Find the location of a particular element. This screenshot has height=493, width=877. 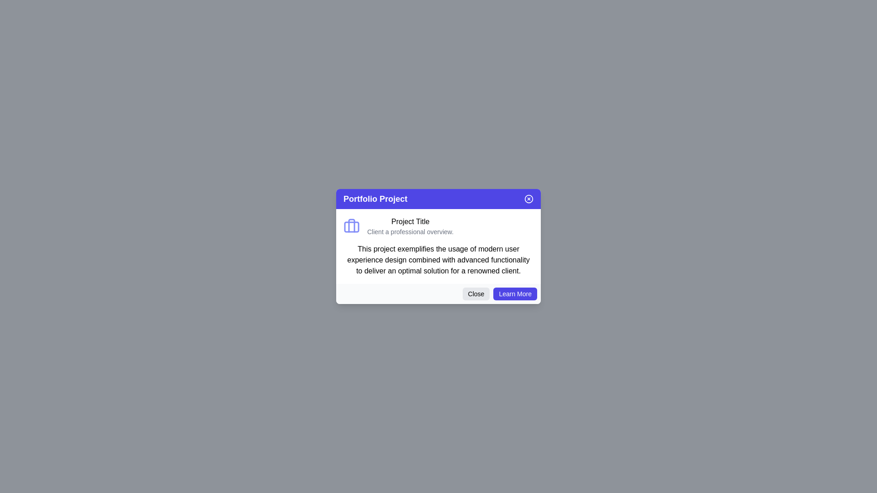

the indigo briefcase icon located on the left side of the 'Project Title' text is located at coordinates (351, 226).